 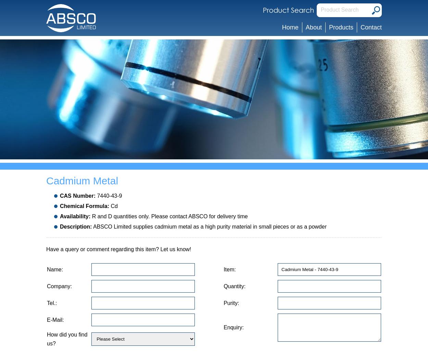 What do you see at coordinates (313, 27) in the screenshot?
I see `'About'` at bounding box center [313, 27].